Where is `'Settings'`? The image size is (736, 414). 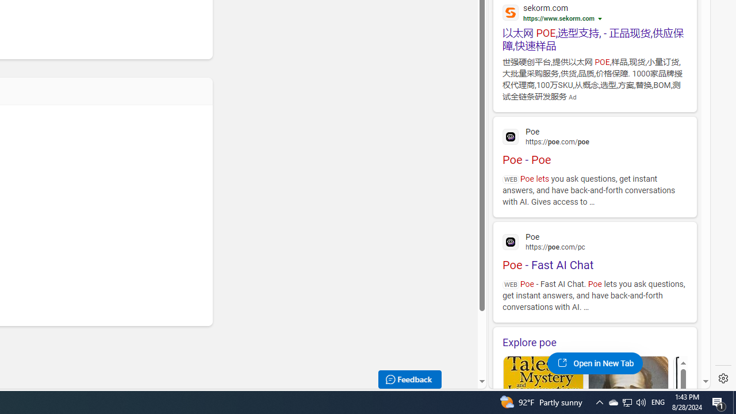 'Settings' is located at coordinates (723, 378).